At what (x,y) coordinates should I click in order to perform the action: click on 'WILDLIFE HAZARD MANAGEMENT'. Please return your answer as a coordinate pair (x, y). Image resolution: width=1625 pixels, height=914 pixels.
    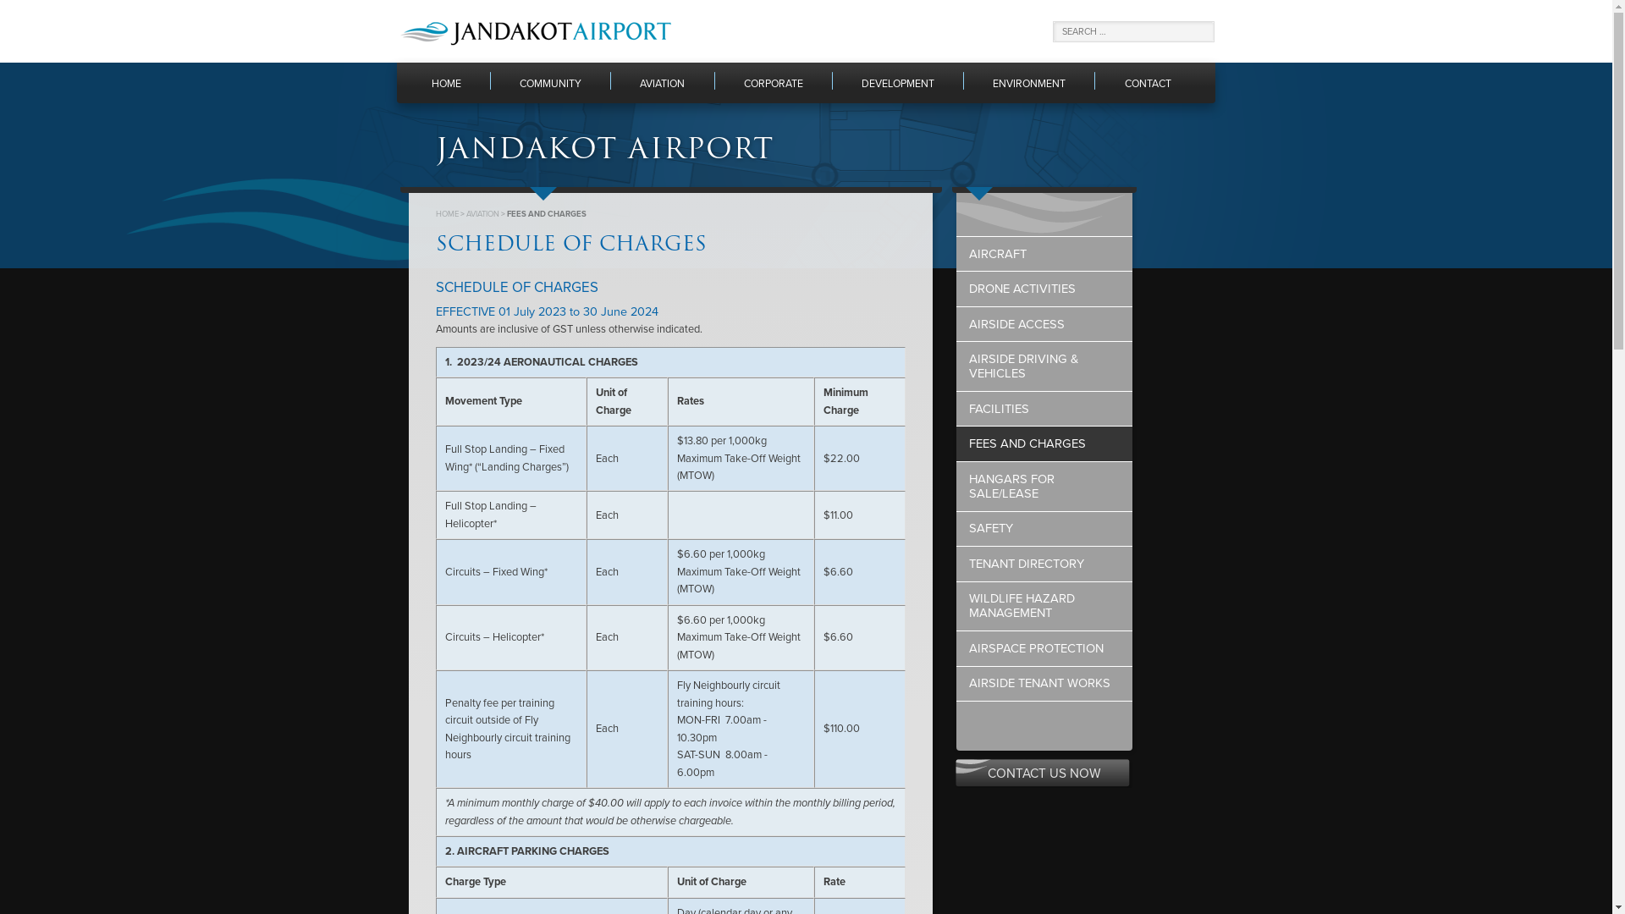
    Looking at the image, I should click on (1043, 606).